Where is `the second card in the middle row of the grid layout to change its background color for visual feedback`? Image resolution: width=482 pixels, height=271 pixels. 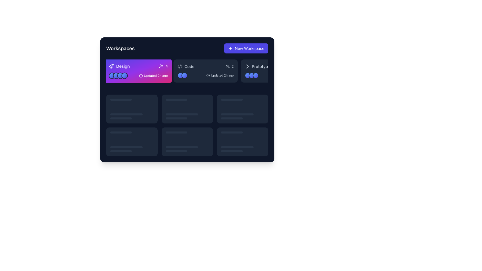 the second card in the middle row of the grid layout to change its background color for visual feedback is located at coordinates (187, 109).